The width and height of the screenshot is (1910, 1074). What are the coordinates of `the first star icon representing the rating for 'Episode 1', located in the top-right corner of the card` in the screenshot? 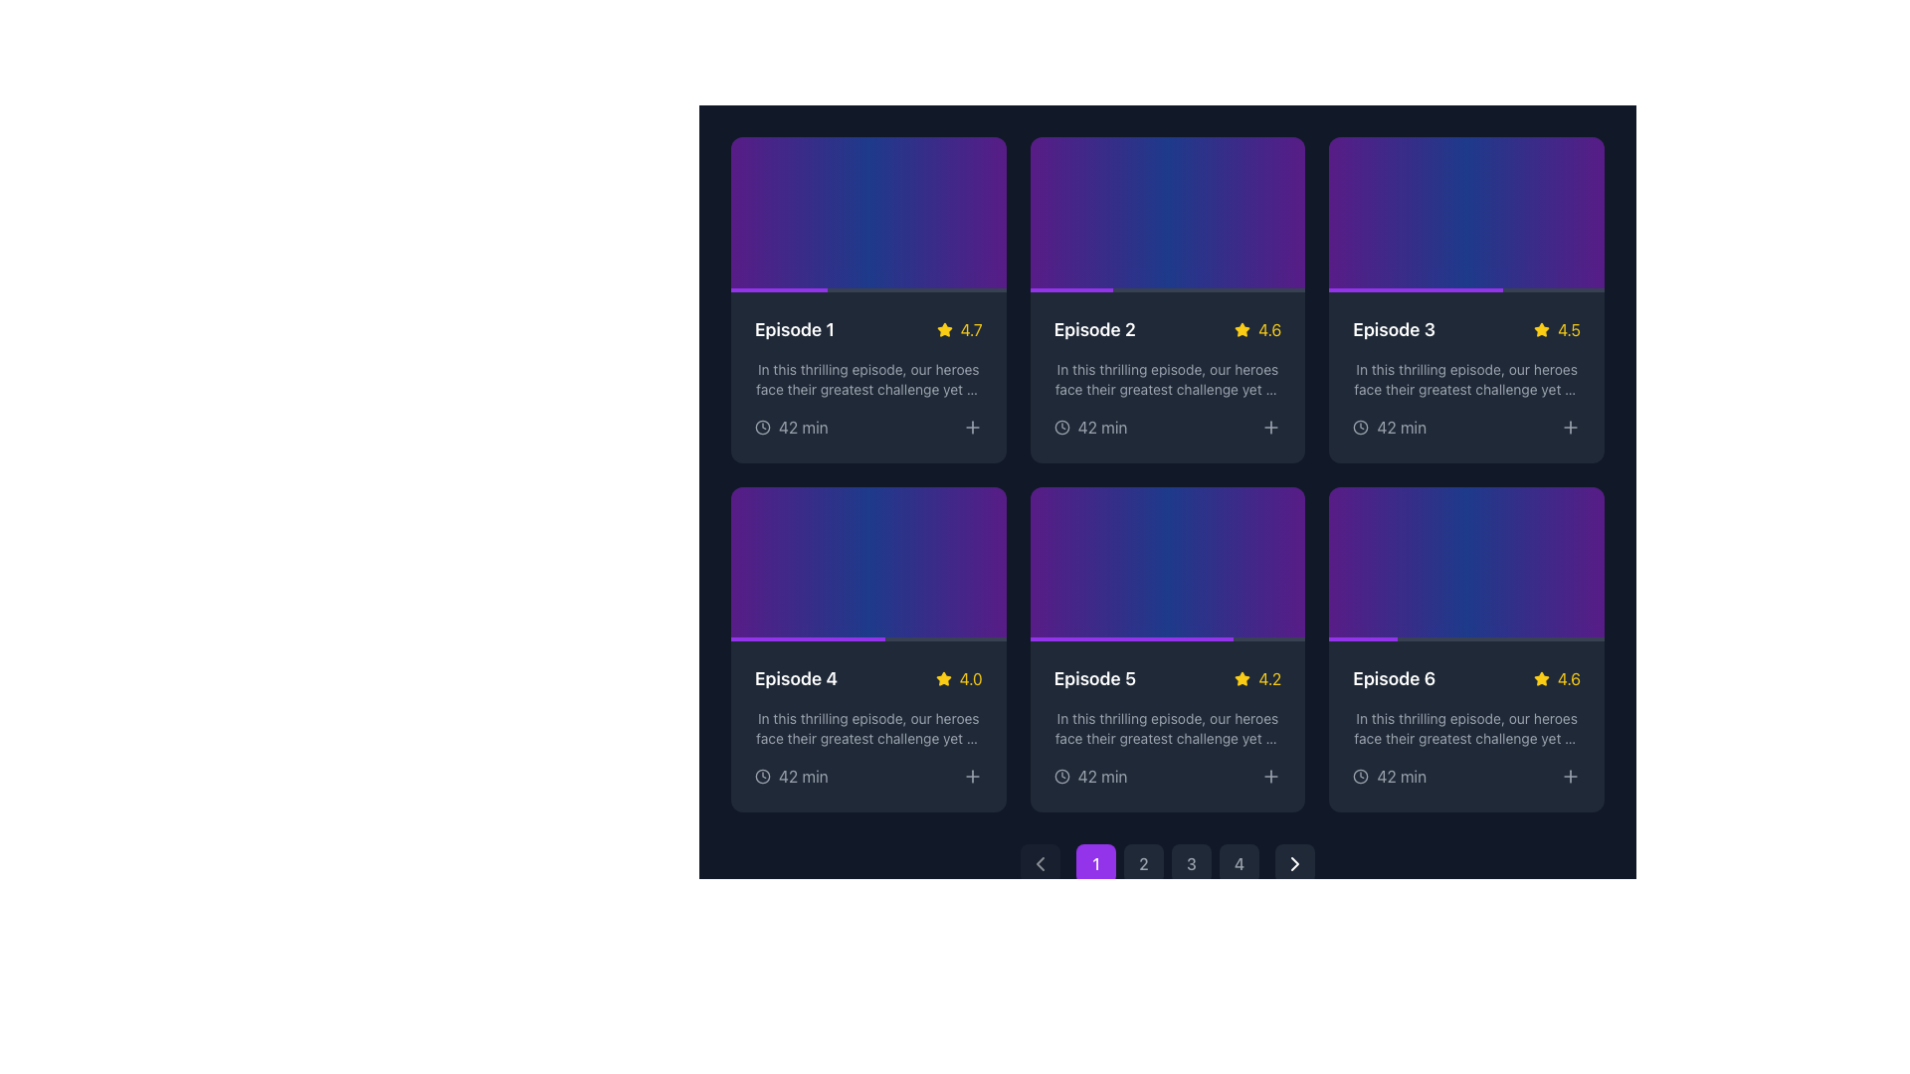 It's located at (943, 328).